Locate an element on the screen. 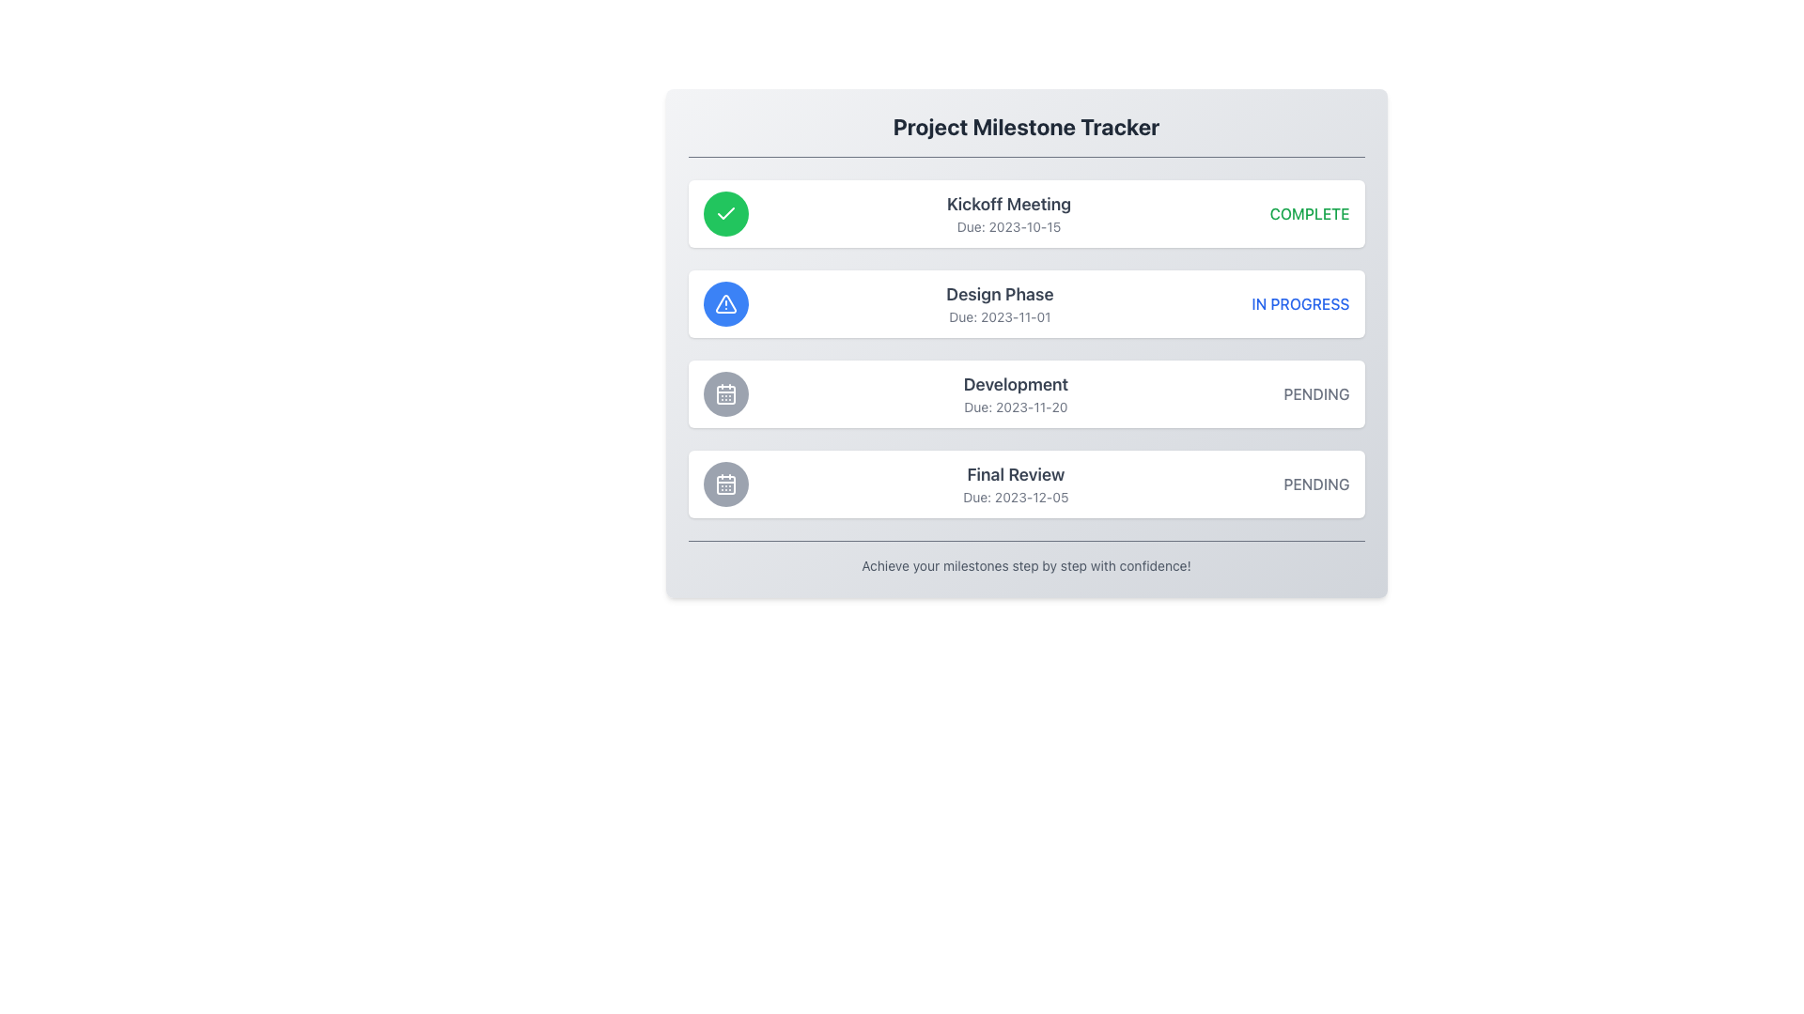  information displayed in the text element showing the title 'Final Review' and the due date '2023-12-05' within the fourth list item of the 'Project Milestone Tracker' section is located at coordinates (1015, 484).